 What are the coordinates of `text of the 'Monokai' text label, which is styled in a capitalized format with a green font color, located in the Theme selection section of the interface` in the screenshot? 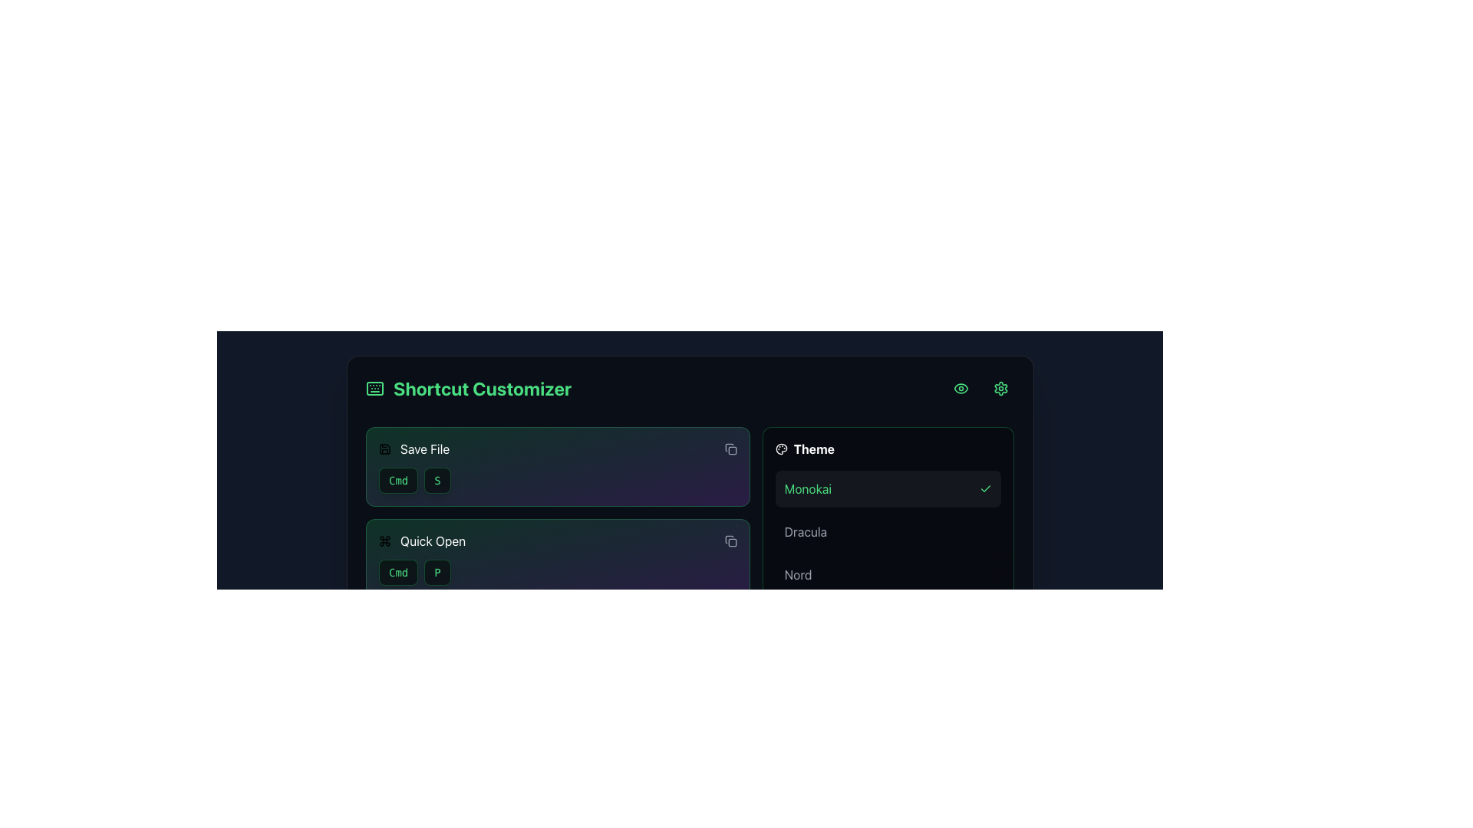 It's located at (807, 488).